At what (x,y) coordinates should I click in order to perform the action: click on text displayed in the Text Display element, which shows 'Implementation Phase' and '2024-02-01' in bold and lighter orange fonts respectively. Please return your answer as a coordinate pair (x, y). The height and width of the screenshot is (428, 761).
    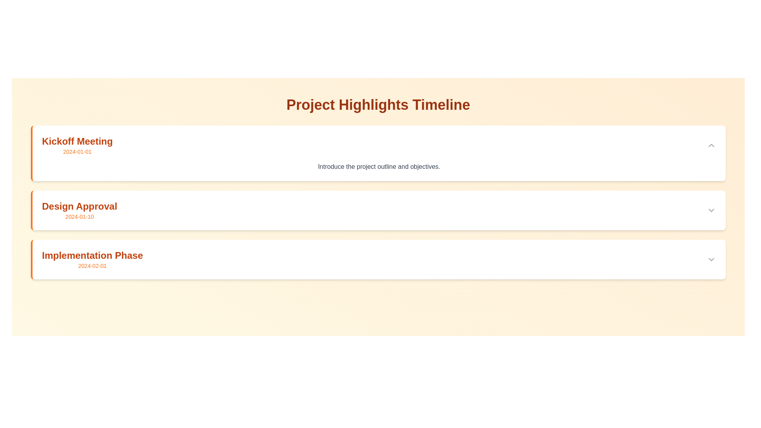
    Looking at the image, I should click on (92, 260).